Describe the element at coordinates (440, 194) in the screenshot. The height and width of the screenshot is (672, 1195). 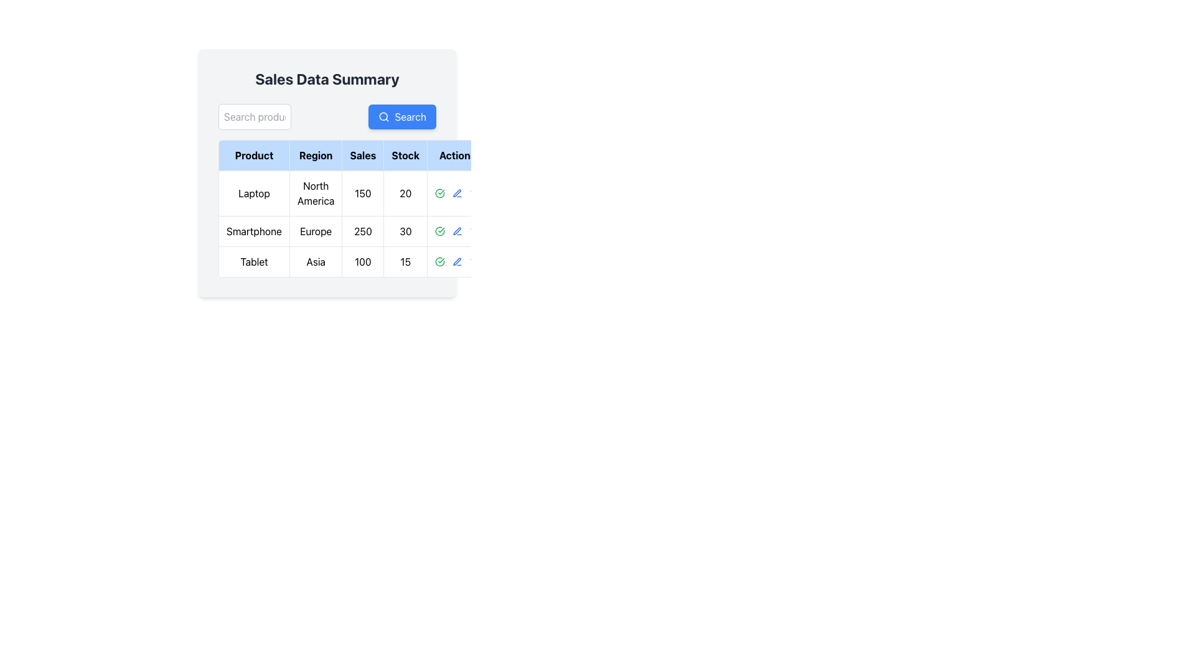
I see `the small green circle-shaped icon with a check mark inside, located in the second row of the 'Action' column to confirm or approve` at that location.